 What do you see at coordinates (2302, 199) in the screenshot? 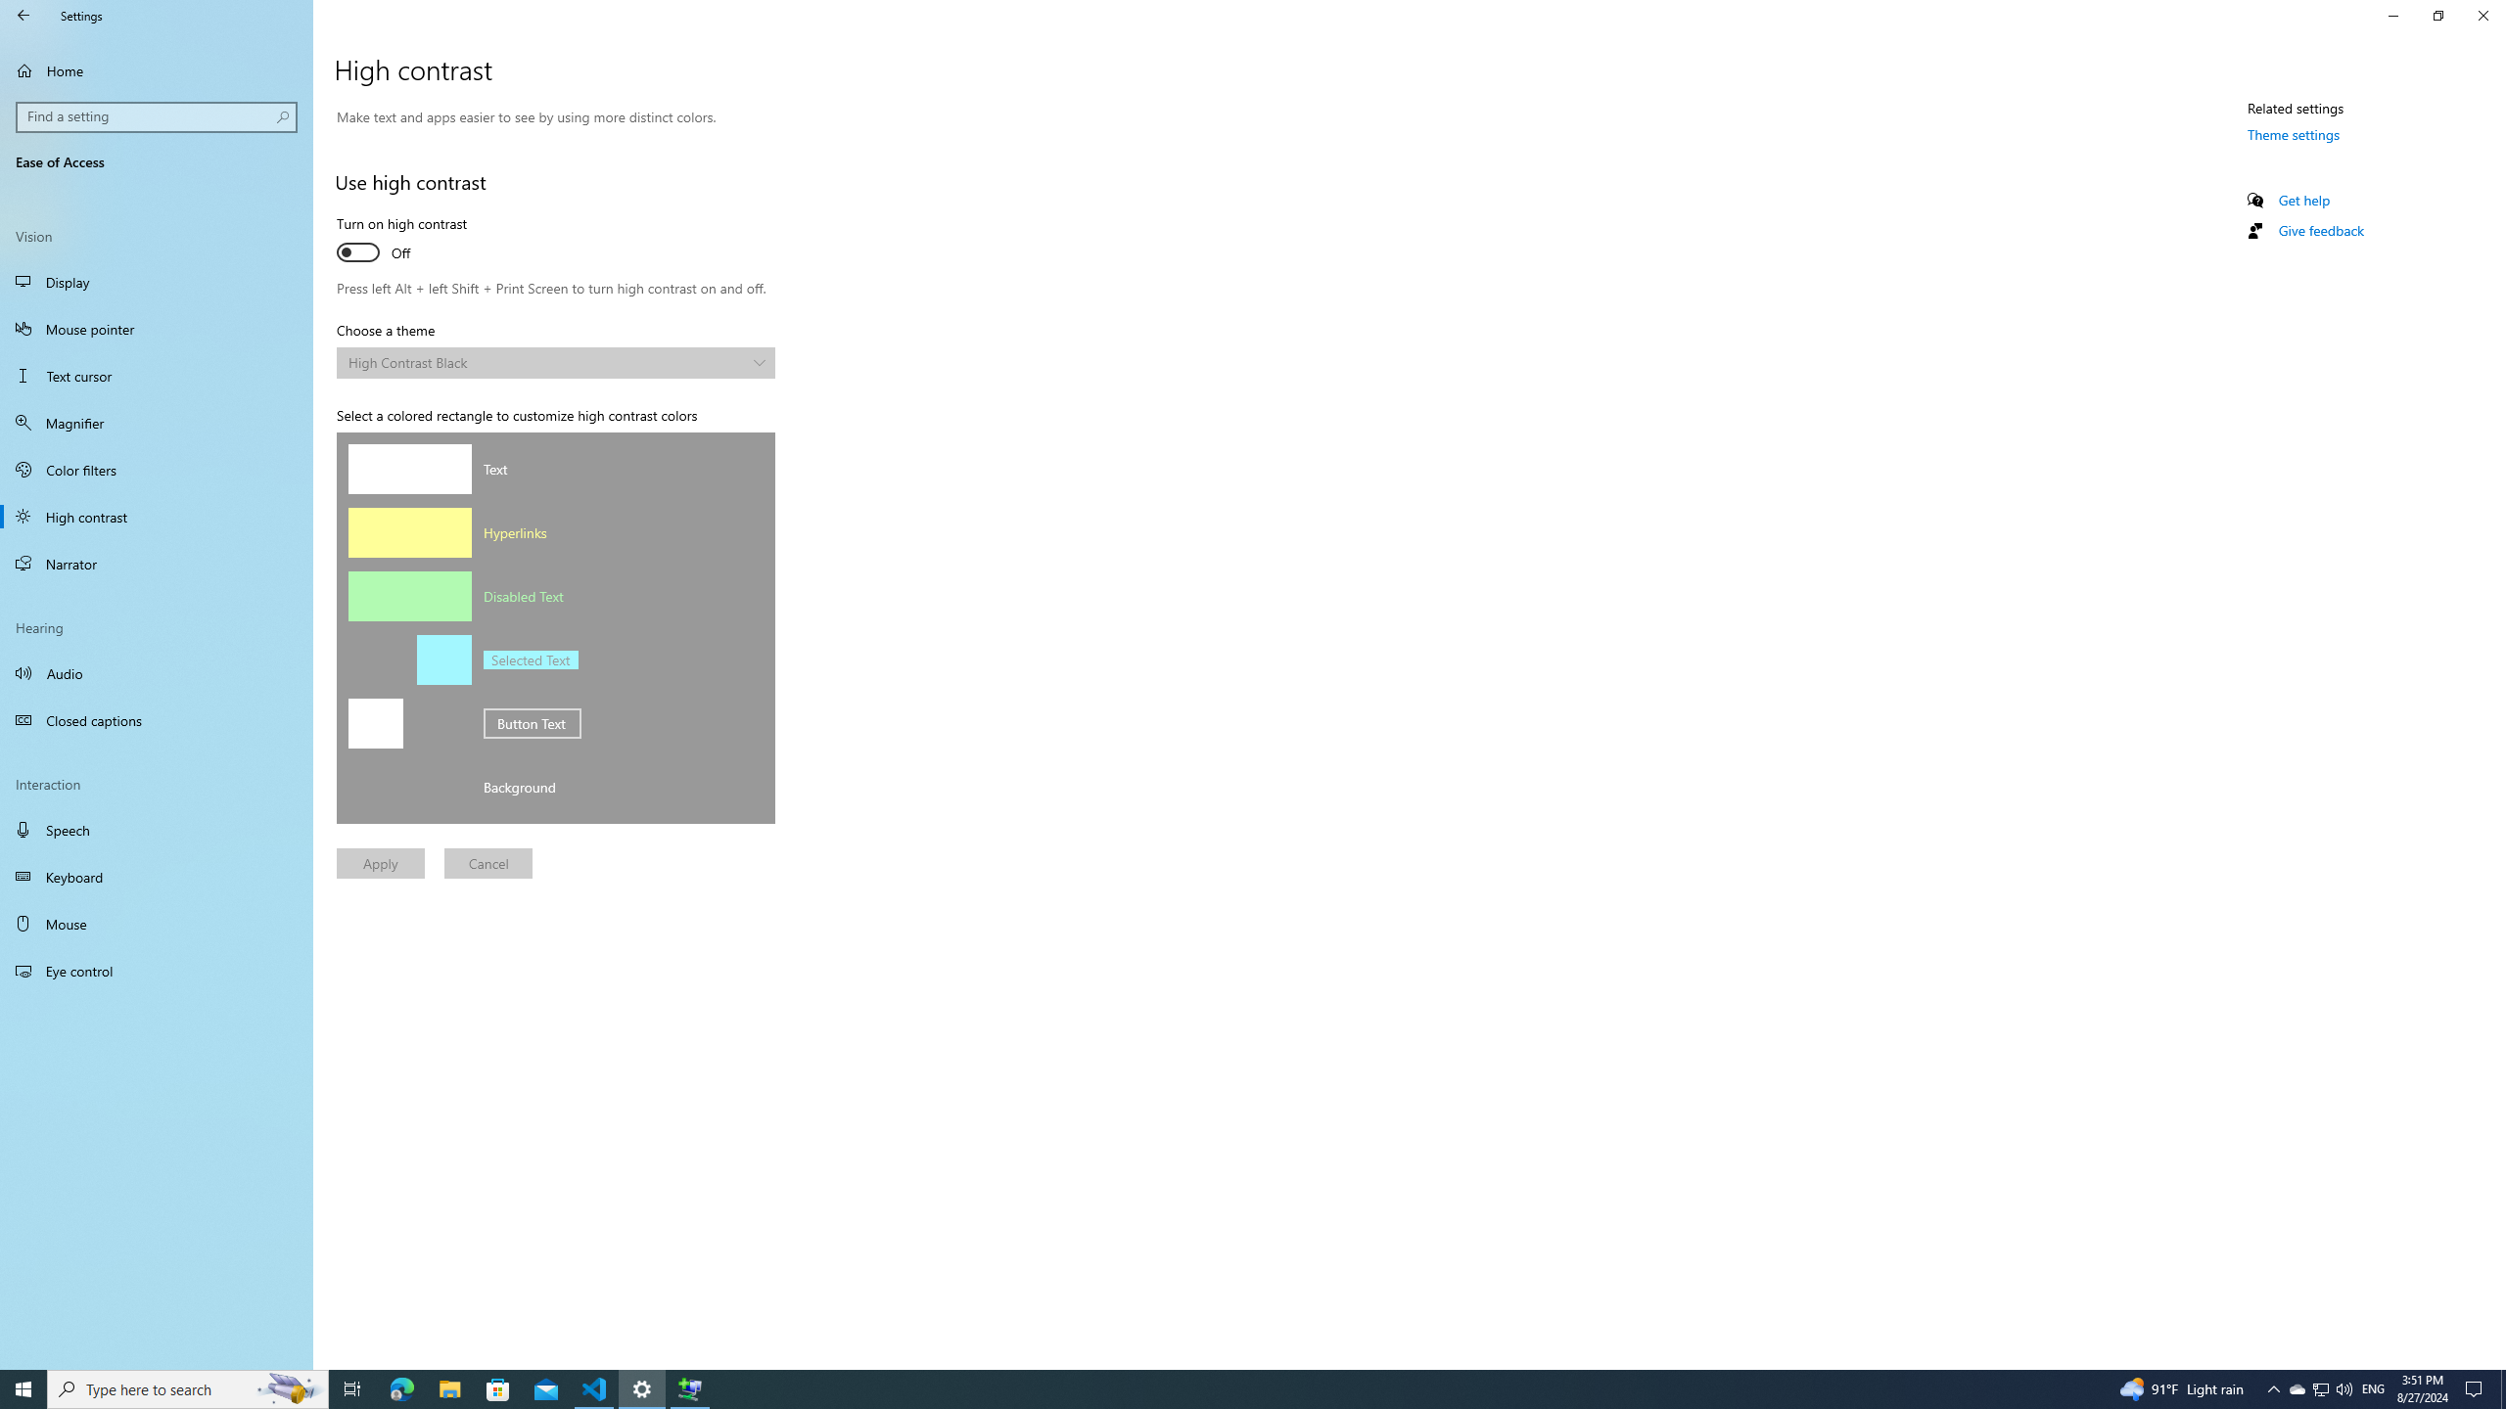
I see `'Get help'` at bounding box center [2302, 199].